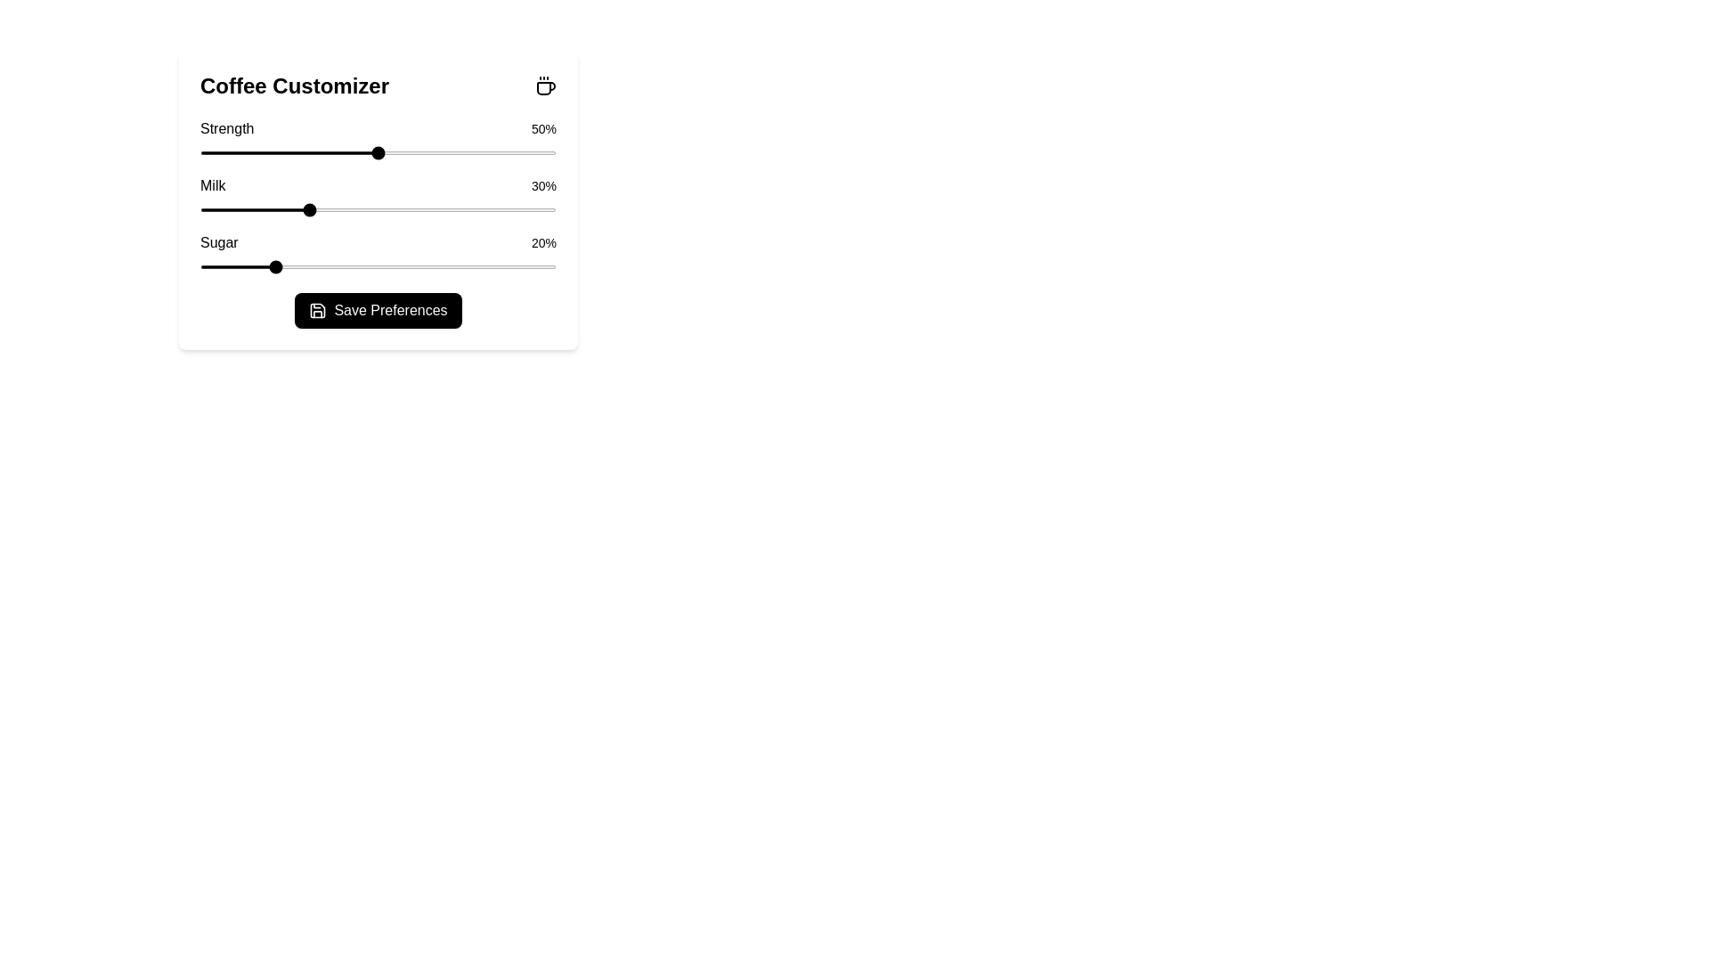 This screenshot has width=1710, height=962. I want to click on the confirmation button located at the bottom of the 'Coffee Customizer' section, which serves, so click(389, 309).